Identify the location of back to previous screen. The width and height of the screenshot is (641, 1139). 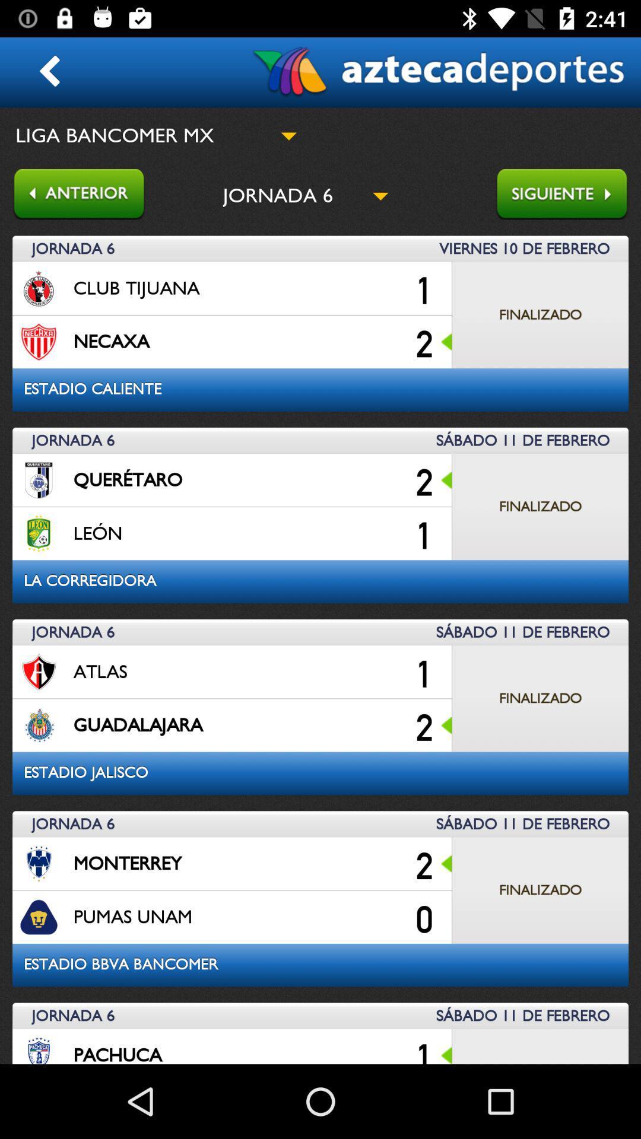
(72, 195).